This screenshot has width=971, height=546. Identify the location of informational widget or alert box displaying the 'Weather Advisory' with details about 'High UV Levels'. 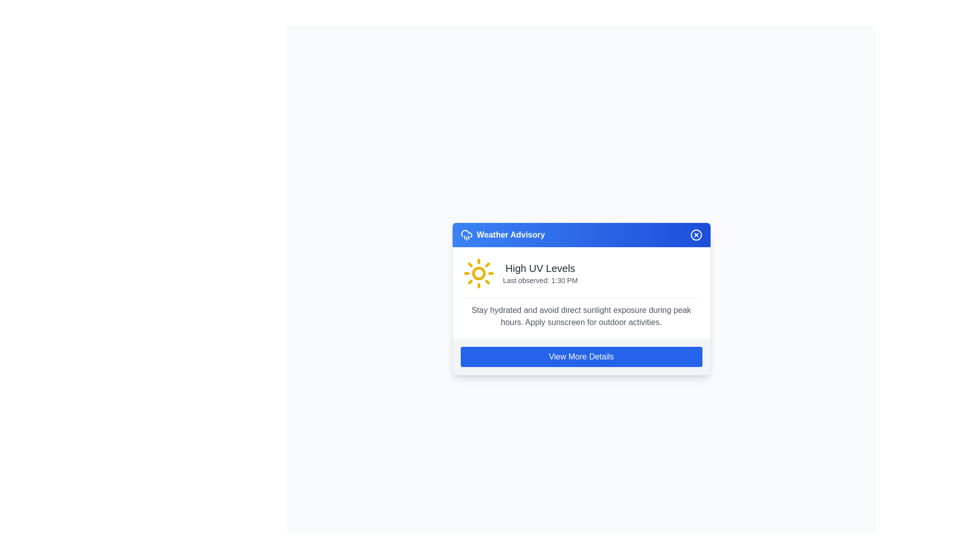
(581, 298).